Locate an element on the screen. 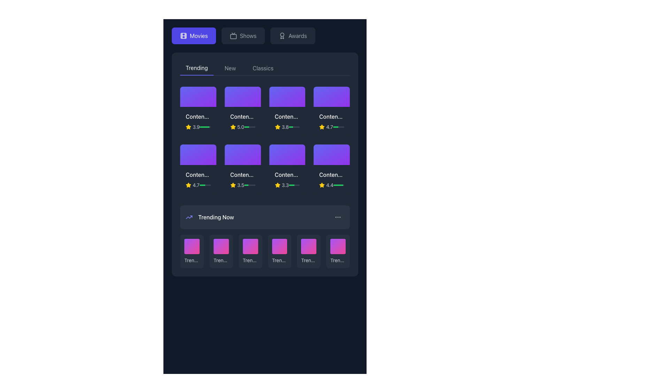 Image resolution: width=669 pixels, height=376 pixels. label text of the second tab in the navigation section, which is positioned between the 'Trending' tab on the left and the 'Classics' tab on the right, to understand its context is located at coordinates (230, 68).